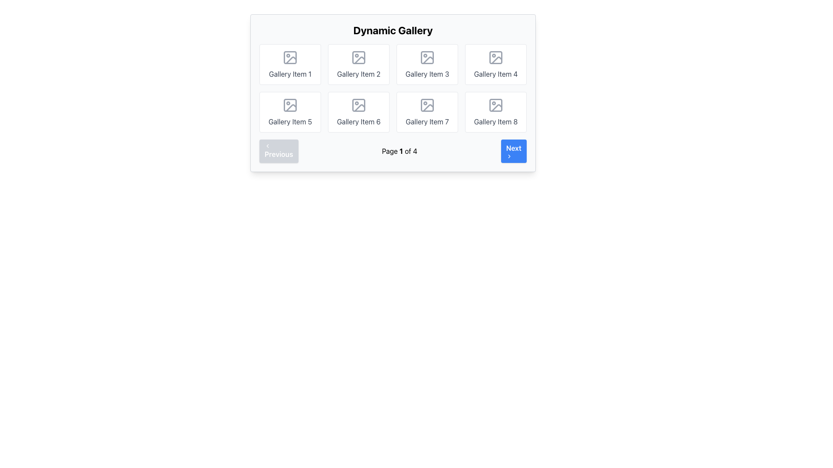 This screenshot has width=833, height=468. I want to click on the Icon element representing an image in the 'Gallery Item 5' section, which is styled gray and features a square frame with a circular shape and an intersecting diagonal line, so click(290, 105).